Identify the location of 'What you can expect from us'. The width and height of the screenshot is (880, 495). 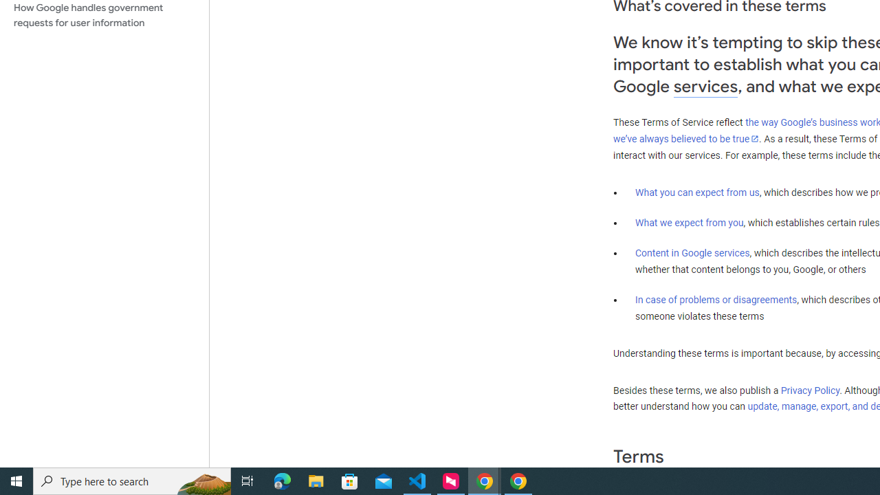
(697, 192).